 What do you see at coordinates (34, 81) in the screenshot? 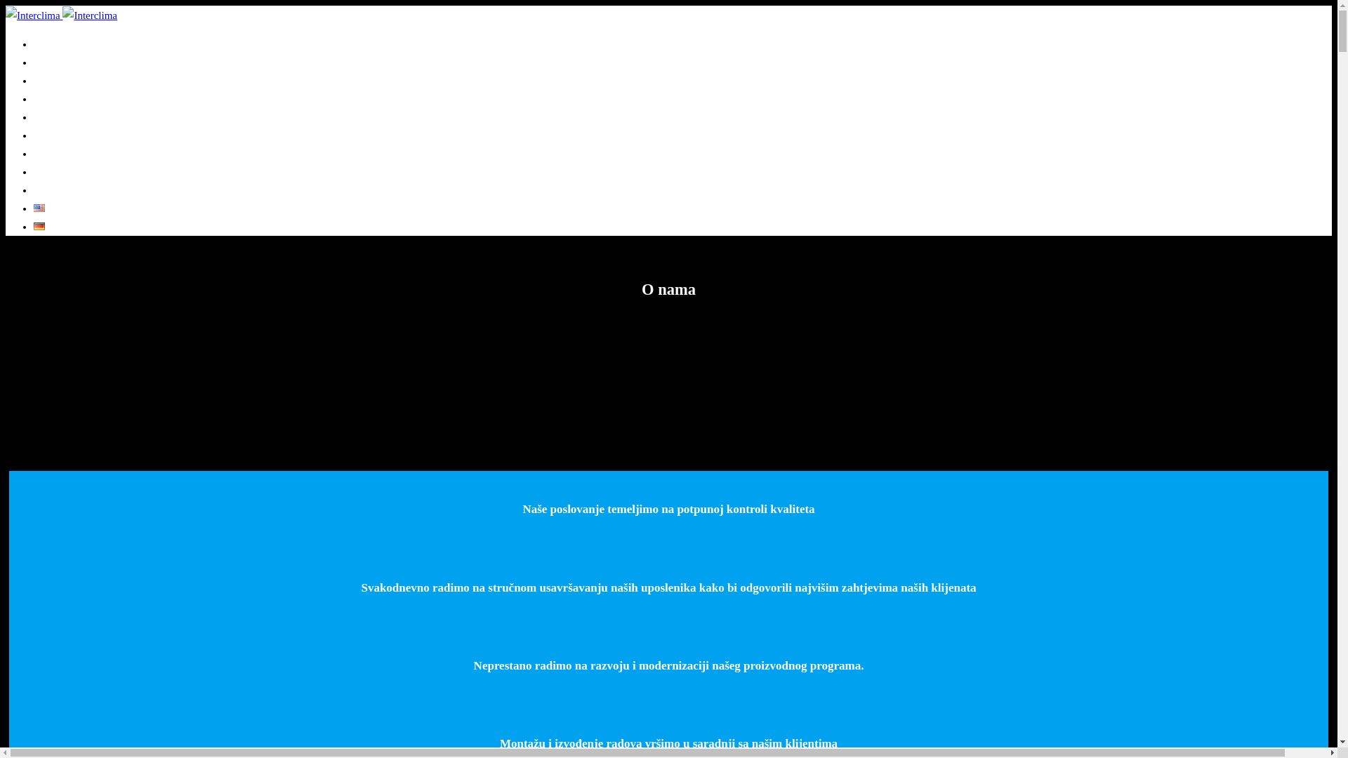
I see `'Projektovanje'` at bounding box center [34, 81].